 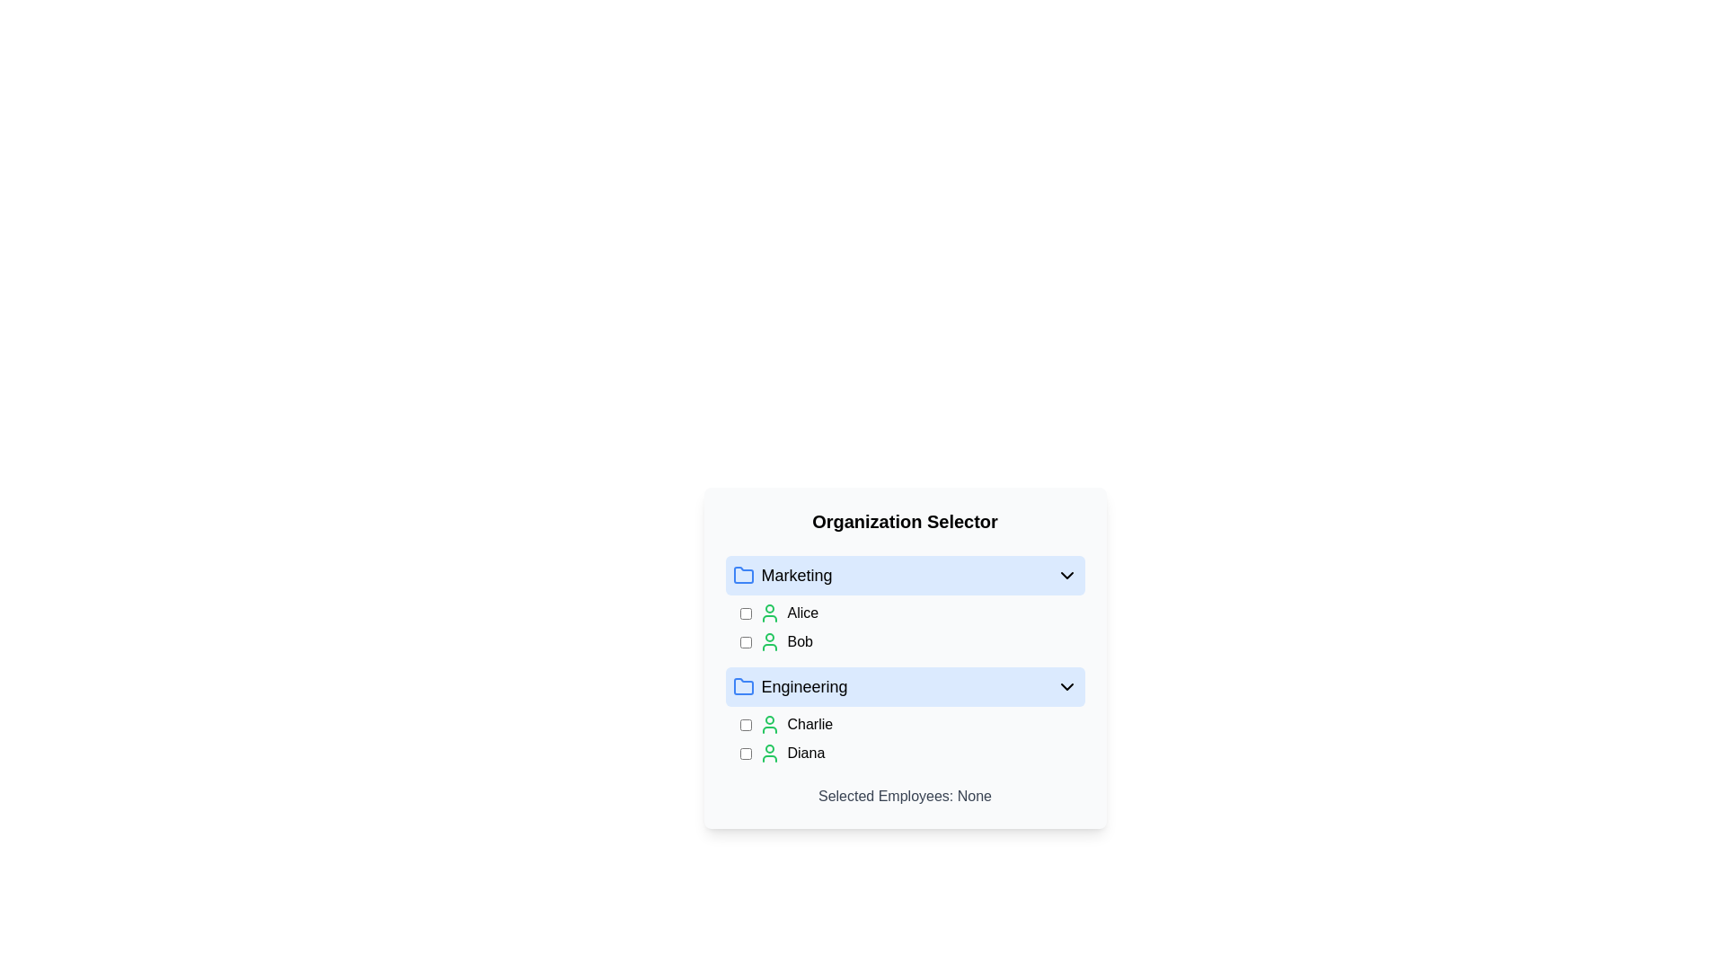 What do you see at coordinates (769, 723) in the screenshot?
I see `the user silhouette icon, which is drawn with green strokes and located next to the name 'Charlie' in the 'Engineering' section of the 'Organization Selector'` at bounding box center [769, 723].